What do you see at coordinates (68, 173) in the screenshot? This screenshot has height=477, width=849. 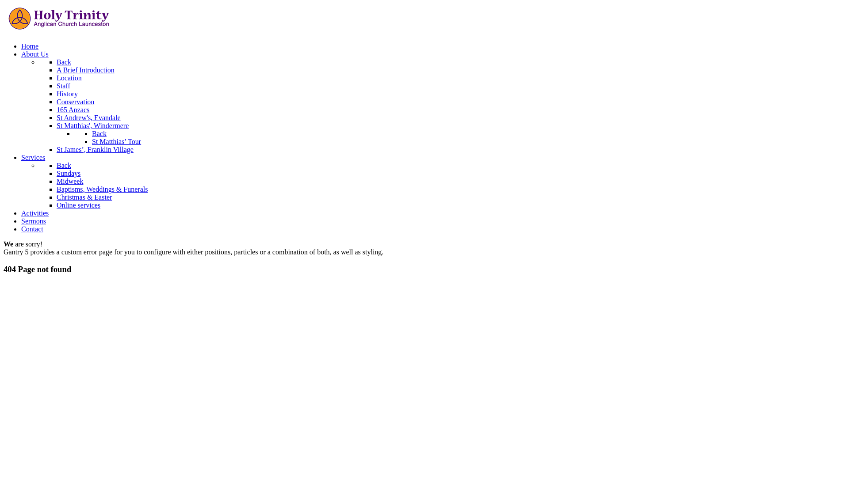 I see `'Sundays'` at bounding box center [68, 173].